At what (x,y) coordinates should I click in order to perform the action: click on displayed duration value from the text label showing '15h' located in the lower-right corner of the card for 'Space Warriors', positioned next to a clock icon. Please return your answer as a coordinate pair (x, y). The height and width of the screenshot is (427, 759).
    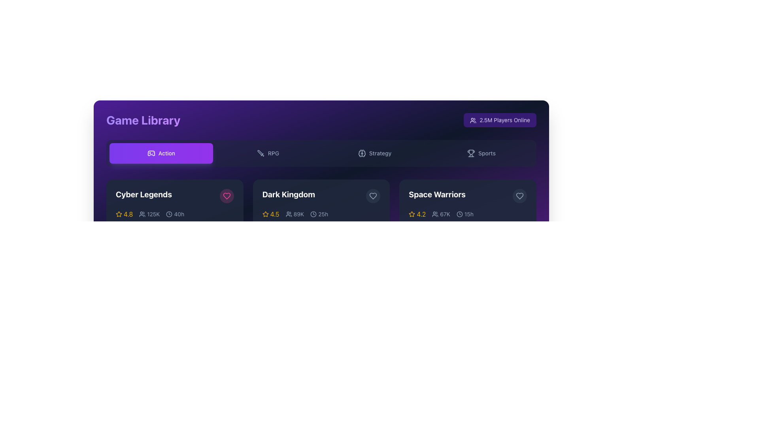
    Looking at the image, I should click on (469, 214).